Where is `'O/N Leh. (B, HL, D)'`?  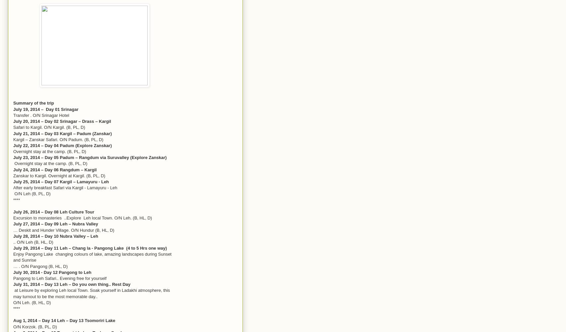 'O/N Leh. (B, HL, D)' is located at coordinates (32, 302).